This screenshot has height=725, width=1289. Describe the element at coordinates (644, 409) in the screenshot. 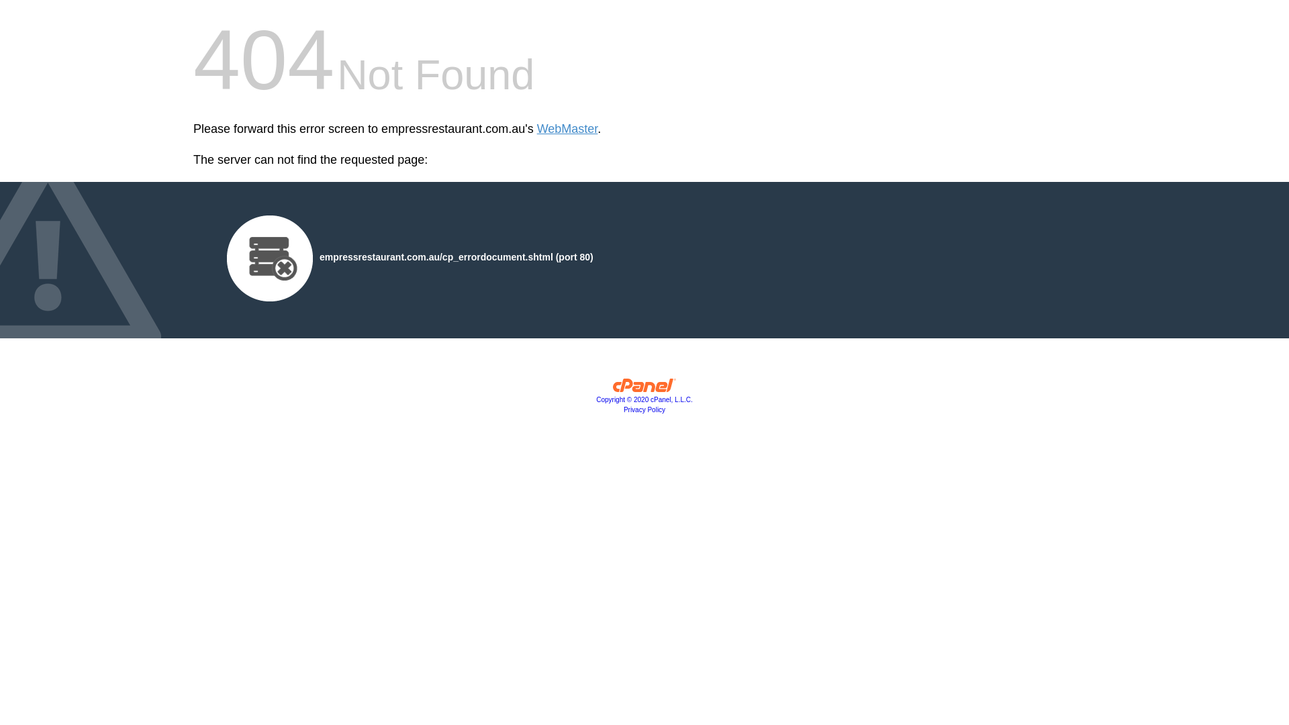

I see `'Privacy Policy'` at that location.